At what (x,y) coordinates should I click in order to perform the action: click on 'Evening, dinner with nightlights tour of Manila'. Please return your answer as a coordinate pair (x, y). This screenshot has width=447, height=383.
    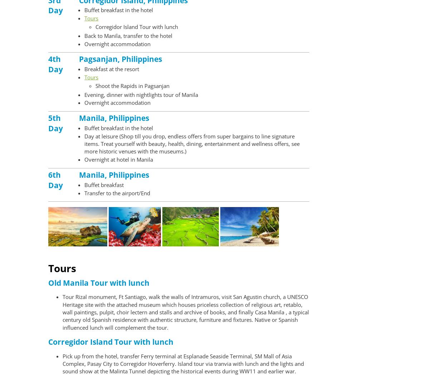
    Looking at the image, I should click on (141, 94).